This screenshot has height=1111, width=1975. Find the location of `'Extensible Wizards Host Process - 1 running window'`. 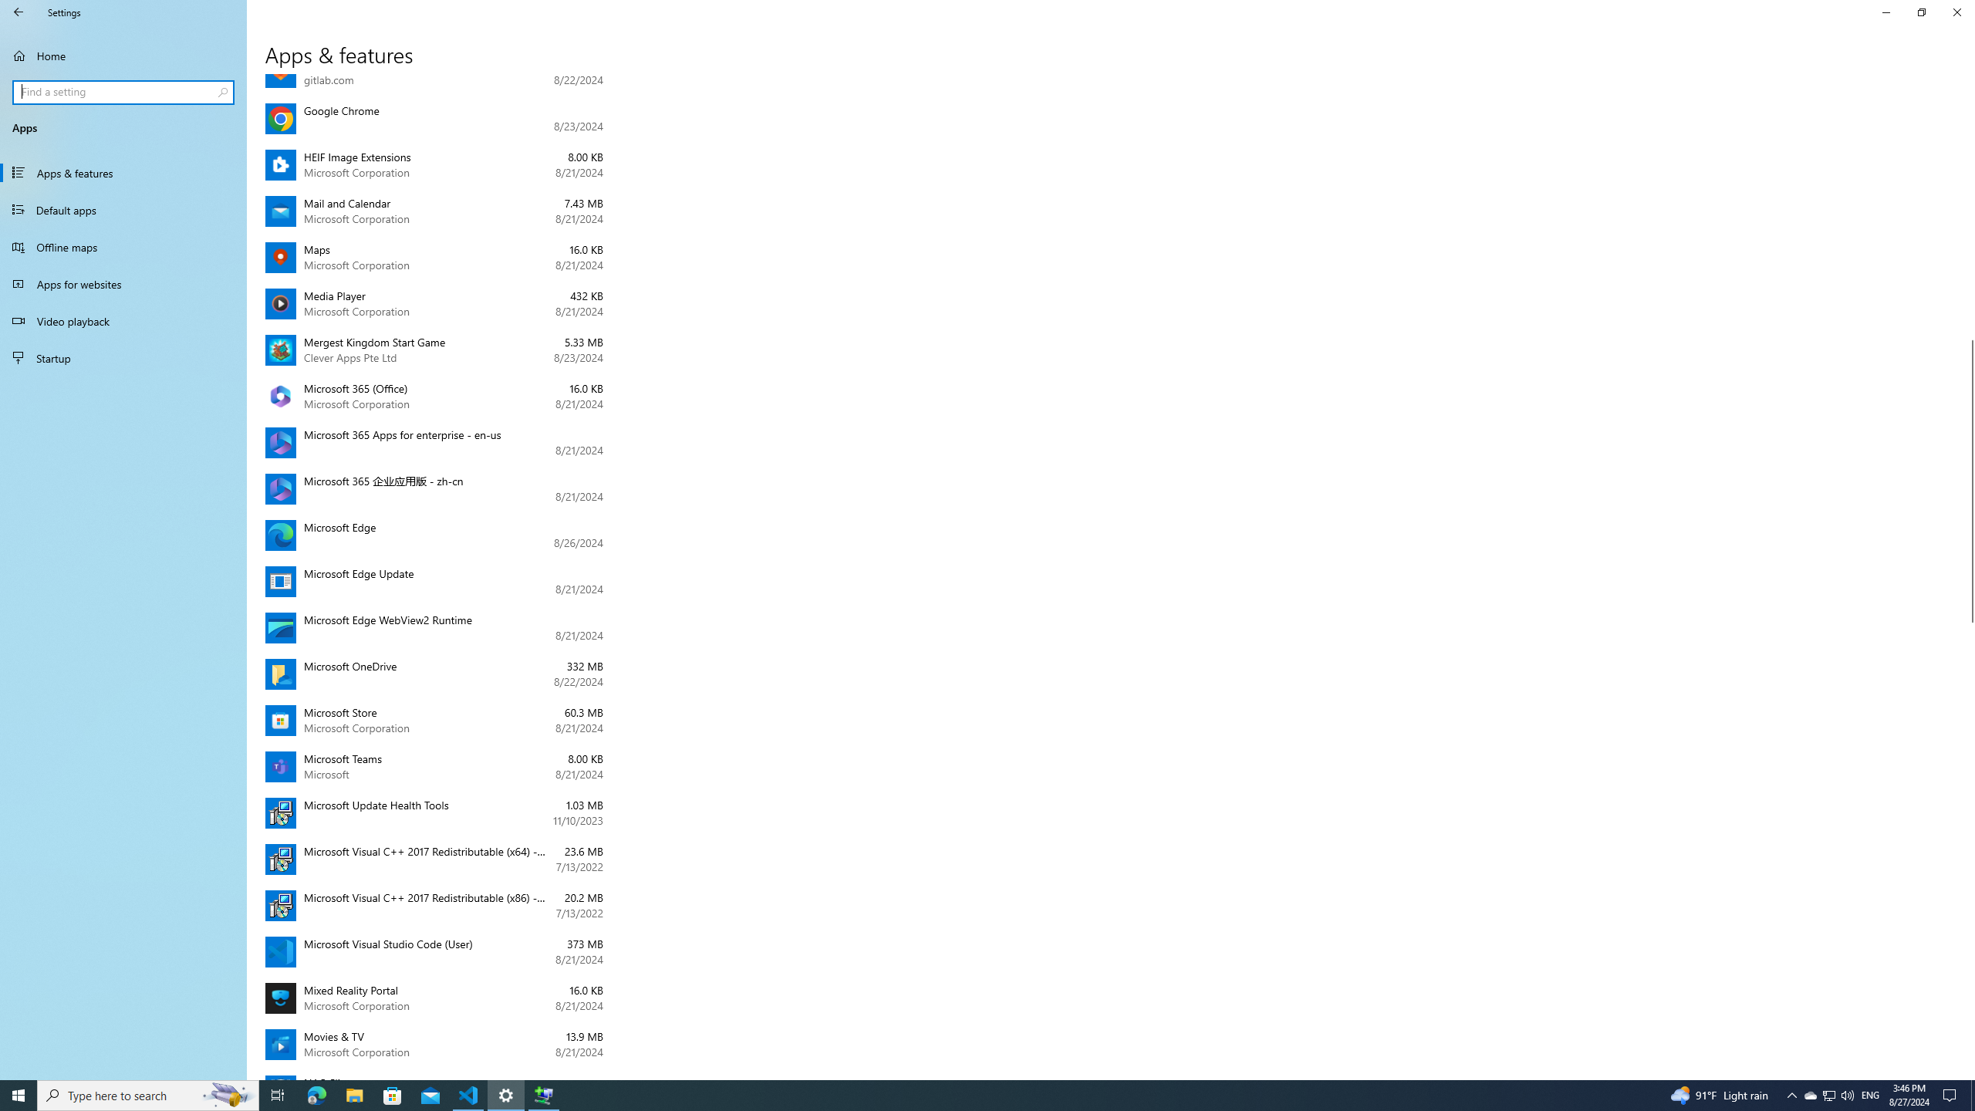

'Extensible Wizards Host Process - 1 running window' is located at coordinates (544, 1094).